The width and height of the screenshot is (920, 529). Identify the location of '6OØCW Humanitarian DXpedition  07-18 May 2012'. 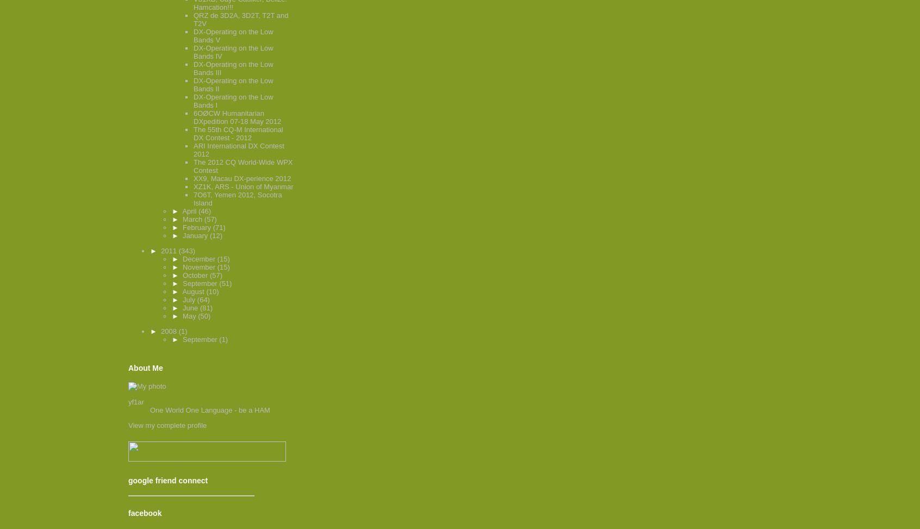
(237, 117).